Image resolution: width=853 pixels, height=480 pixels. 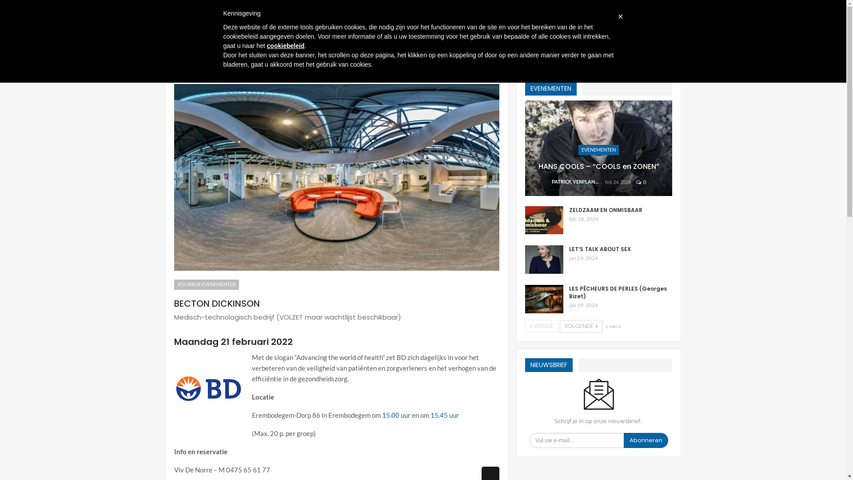 I want to click on 'cookiebeleid', so click(x=286, y=46).